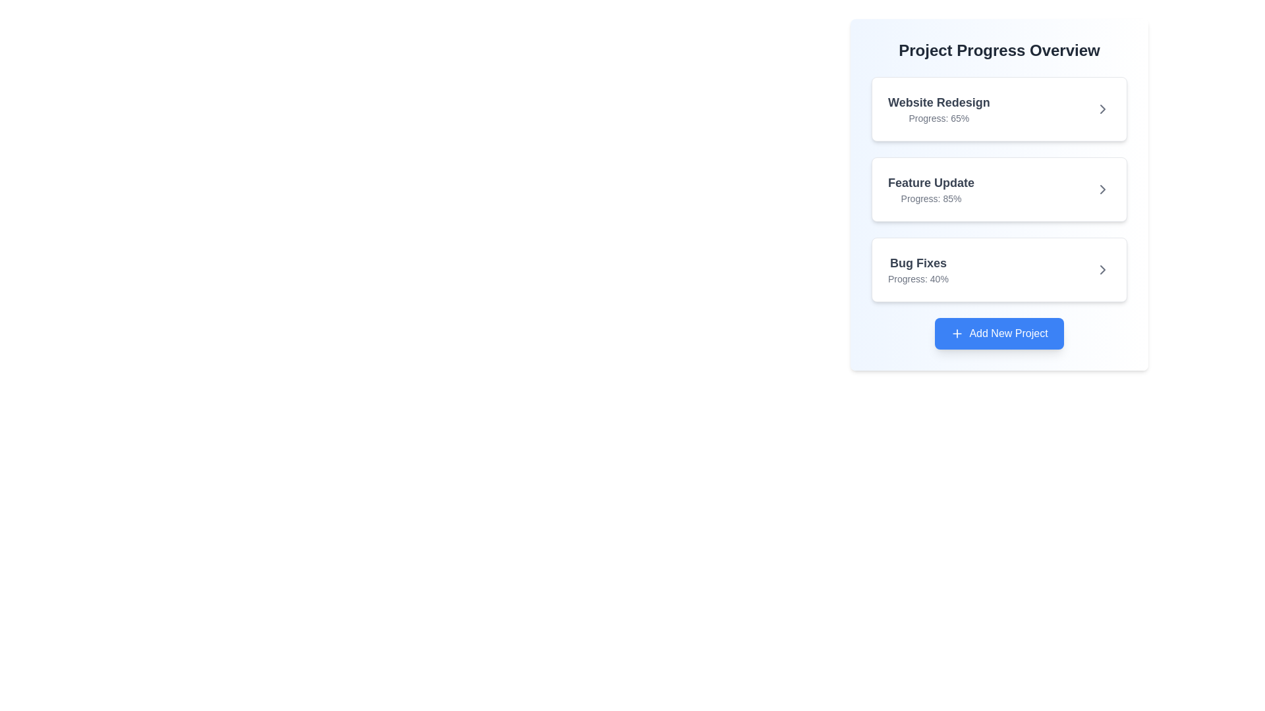 The width and height of the screenshot is (1265, 711). What do you see at coordinates (1103, 108) in the screenshot?
I see `the navigational arrow icon located at the far right of the 'Website Redesign' list item to change its appearance` at bounding box center [1103, 108].